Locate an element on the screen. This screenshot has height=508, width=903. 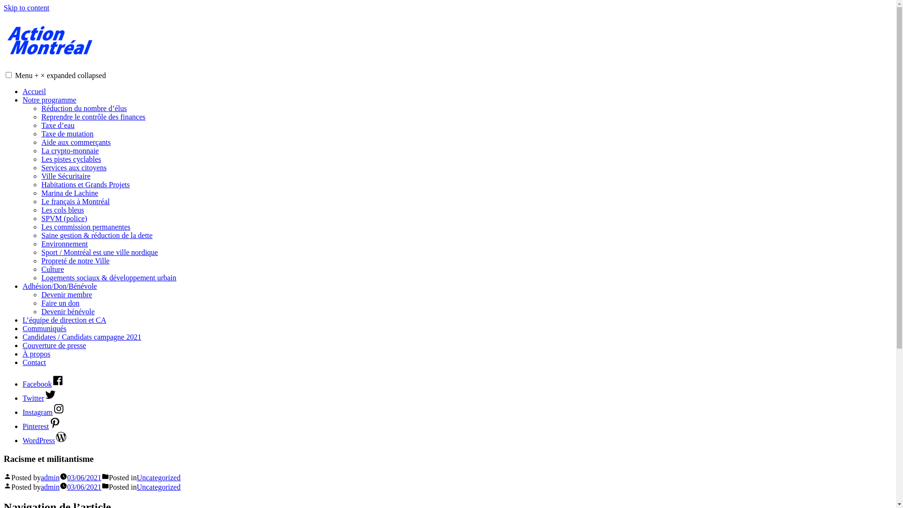
'Accueil' is located at coordinates (34, 91).